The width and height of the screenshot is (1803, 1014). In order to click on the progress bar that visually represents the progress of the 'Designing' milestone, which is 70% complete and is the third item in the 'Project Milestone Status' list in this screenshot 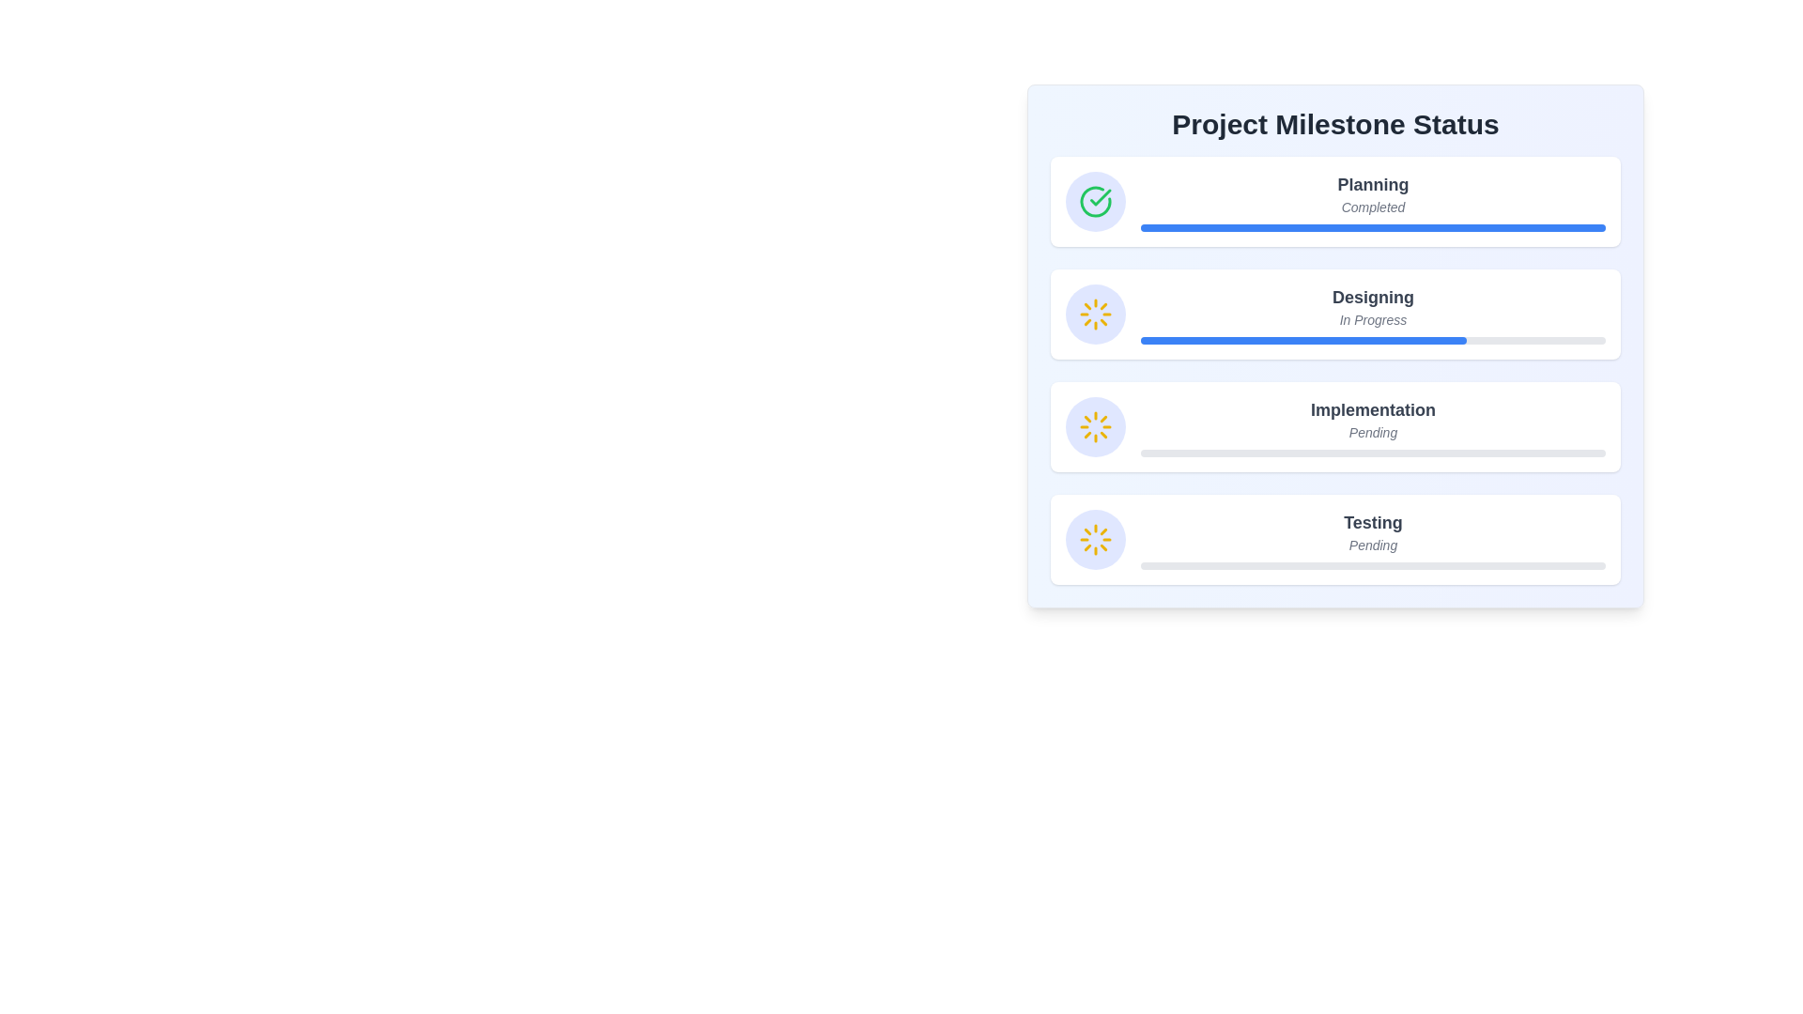, I will do `click(1373, 340)`.